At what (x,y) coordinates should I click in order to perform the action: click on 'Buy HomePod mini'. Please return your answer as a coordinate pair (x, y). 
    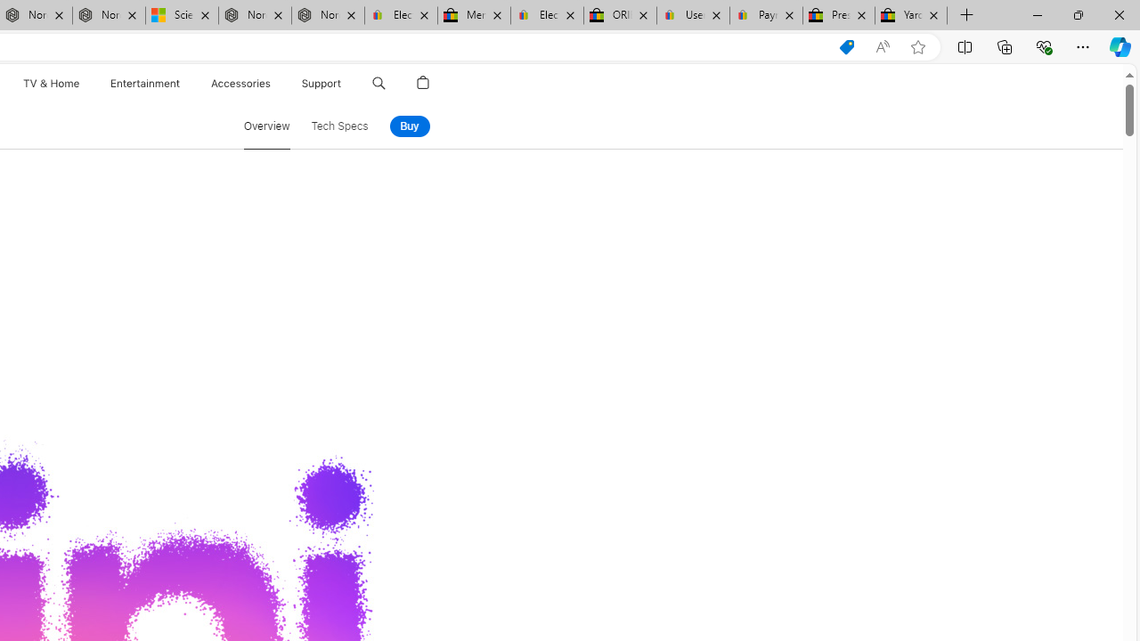
    Looking at the image, I should click on (408, 126).